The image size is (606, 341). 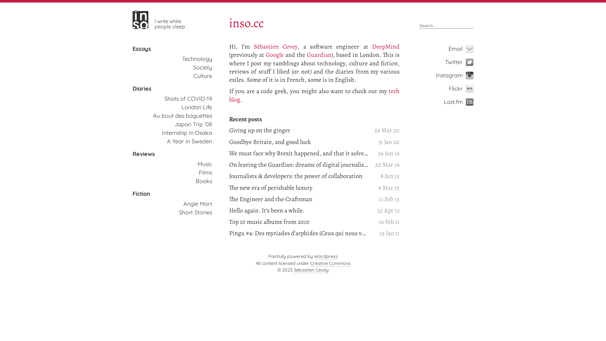 I want to click on 'Twitter', so click(x=464, y=62).